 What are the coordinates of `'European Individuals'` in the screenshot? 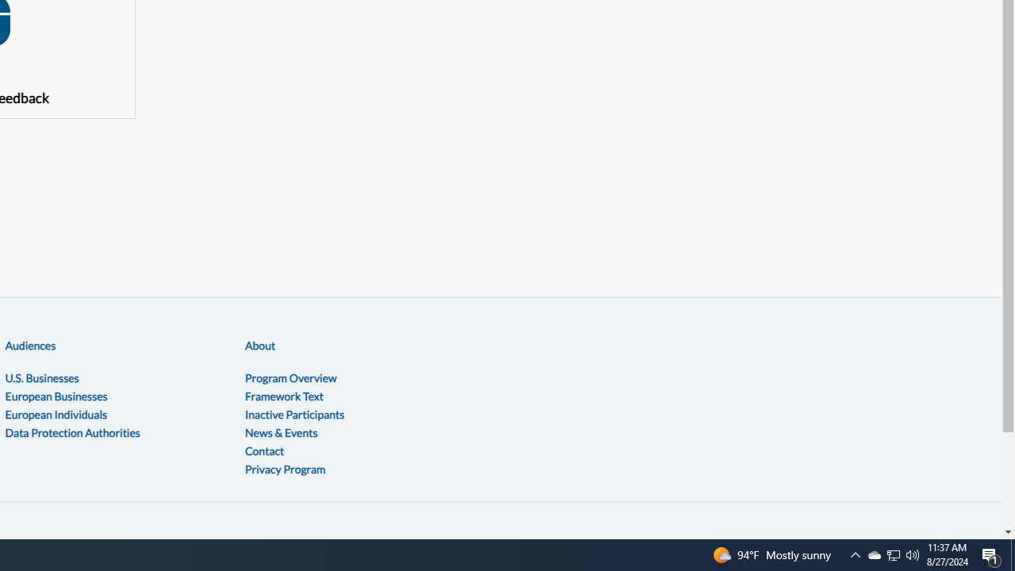 It's located at (56, 413).